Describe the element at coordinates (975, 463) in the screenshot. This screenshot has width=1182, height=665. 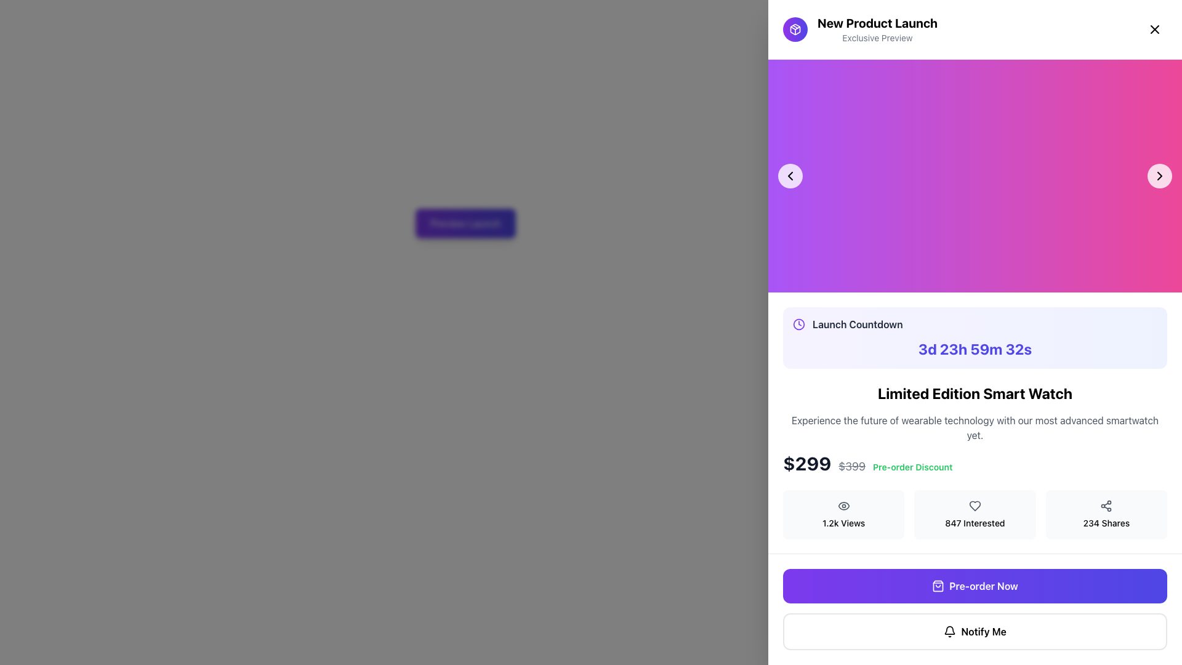
I see `the component displaying the product price, which includes the current price, original price, and pre-order discount offer, located below the product description and above the statistics row` at that location.